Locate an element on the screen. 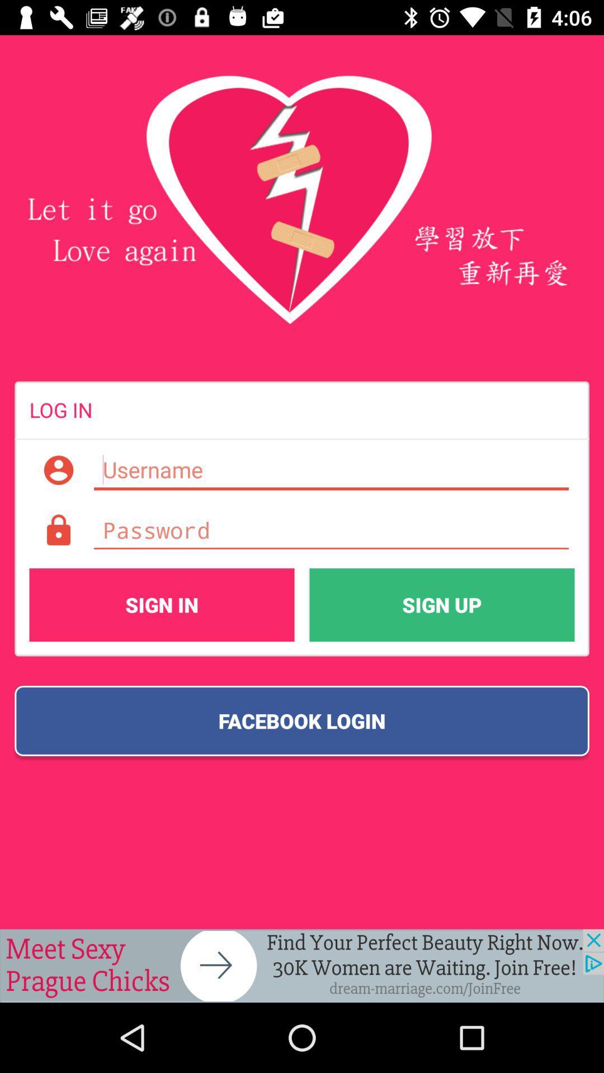 The height and width of the screenshot is (1073, 604). username is located at coordinates (331, 470).